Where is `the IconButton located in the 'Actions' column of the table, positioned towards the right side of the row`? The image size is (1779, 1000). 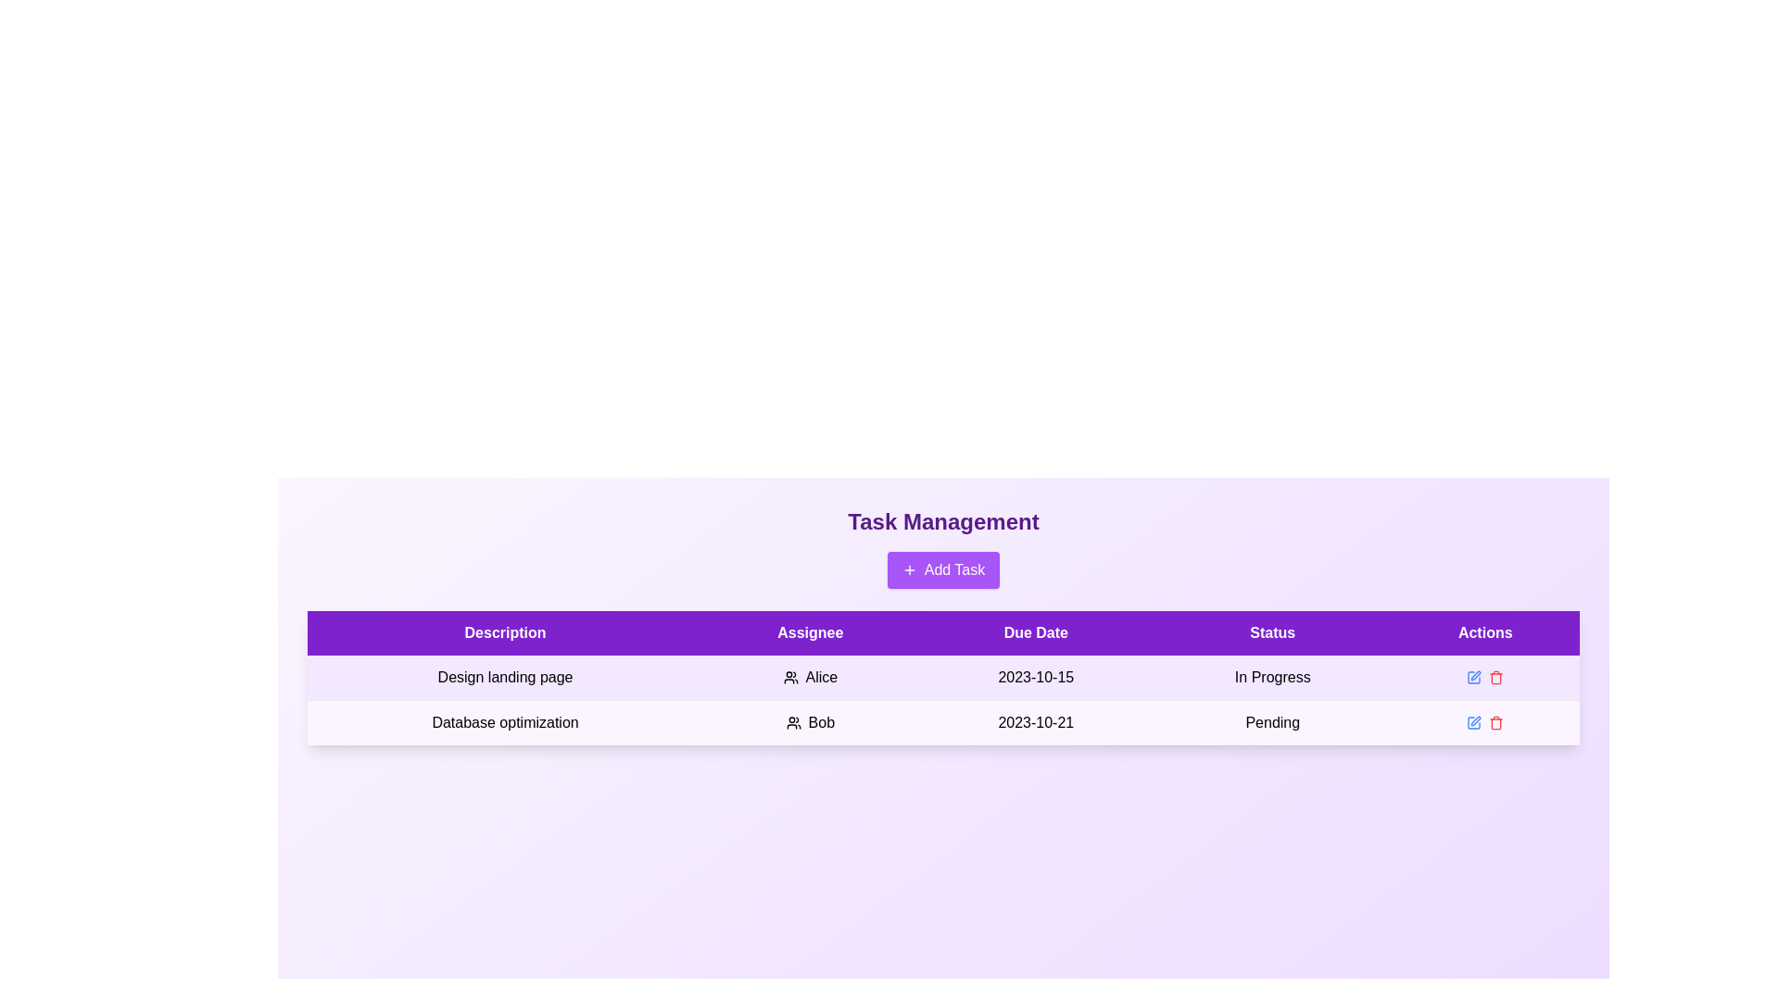 the IconButton located in the 'Actions' column of the table, positioned towards the right side of the row is located at coordinates (1473, 721).